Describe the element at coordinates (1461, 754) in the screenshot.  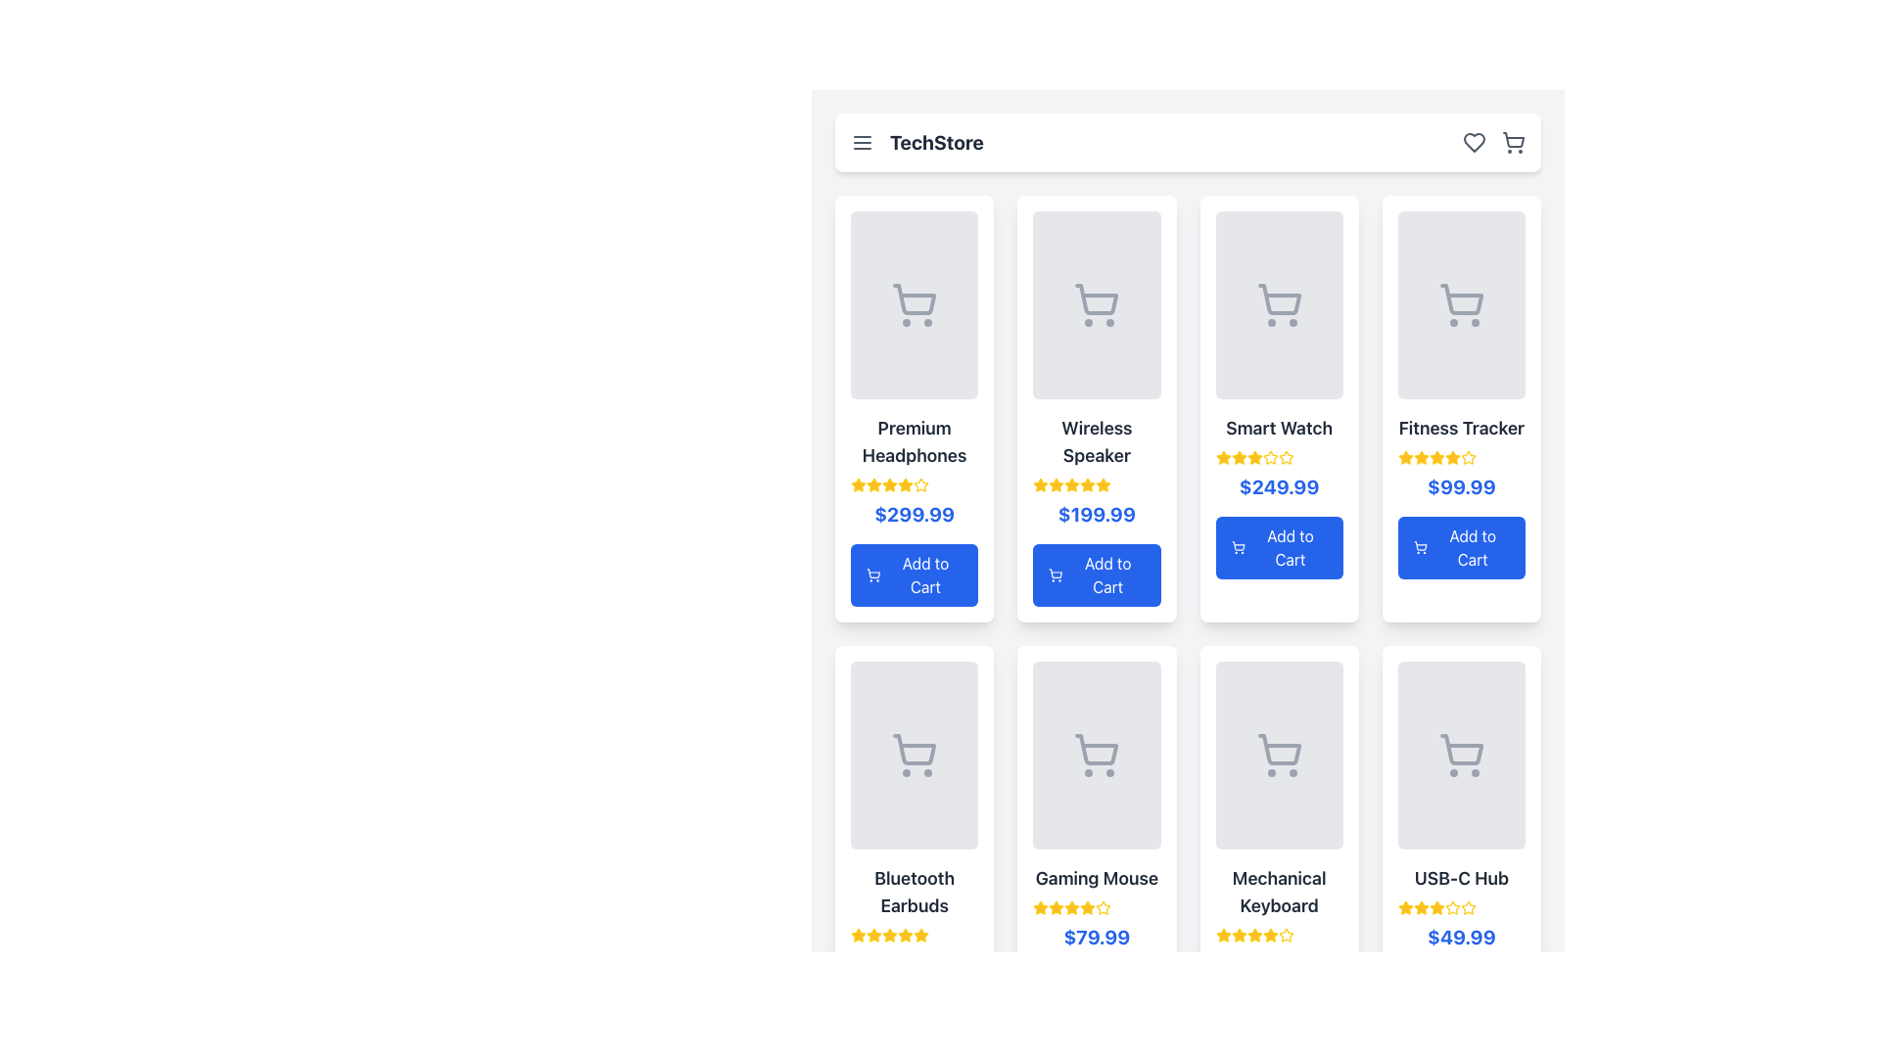
I see `the highlighted shopping cart icon located at the top center of the 'USB-C Hub' product card` at that location.